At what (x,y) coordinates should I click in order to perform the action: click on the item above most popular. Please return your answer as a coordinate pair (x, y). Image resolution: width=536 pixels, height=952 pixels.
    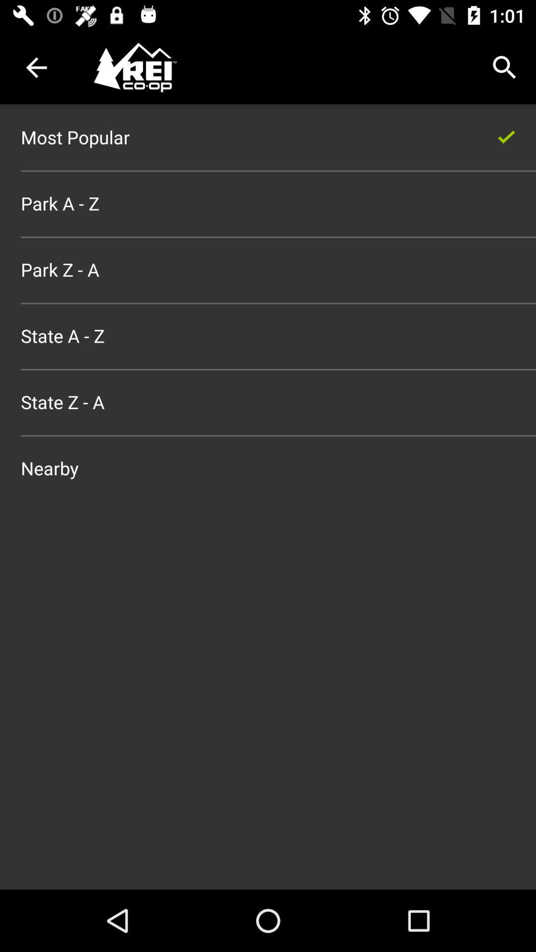
    Looking at the image, I should click on (36, 67).